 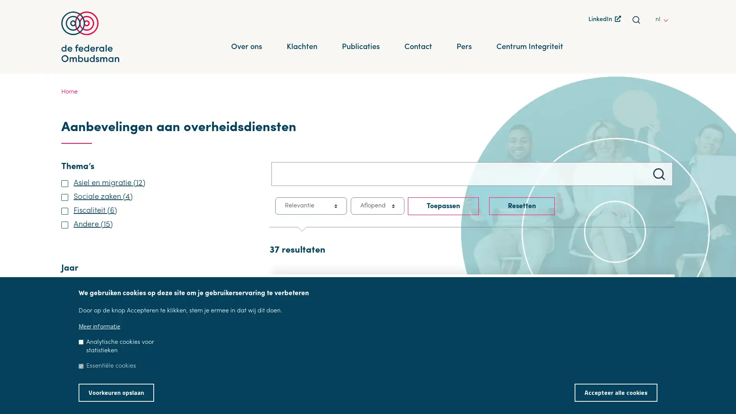 What do you see at coordinates (99, 326) in the screenshot?
I see `Meer informatie` at bounding box center [99, 326].